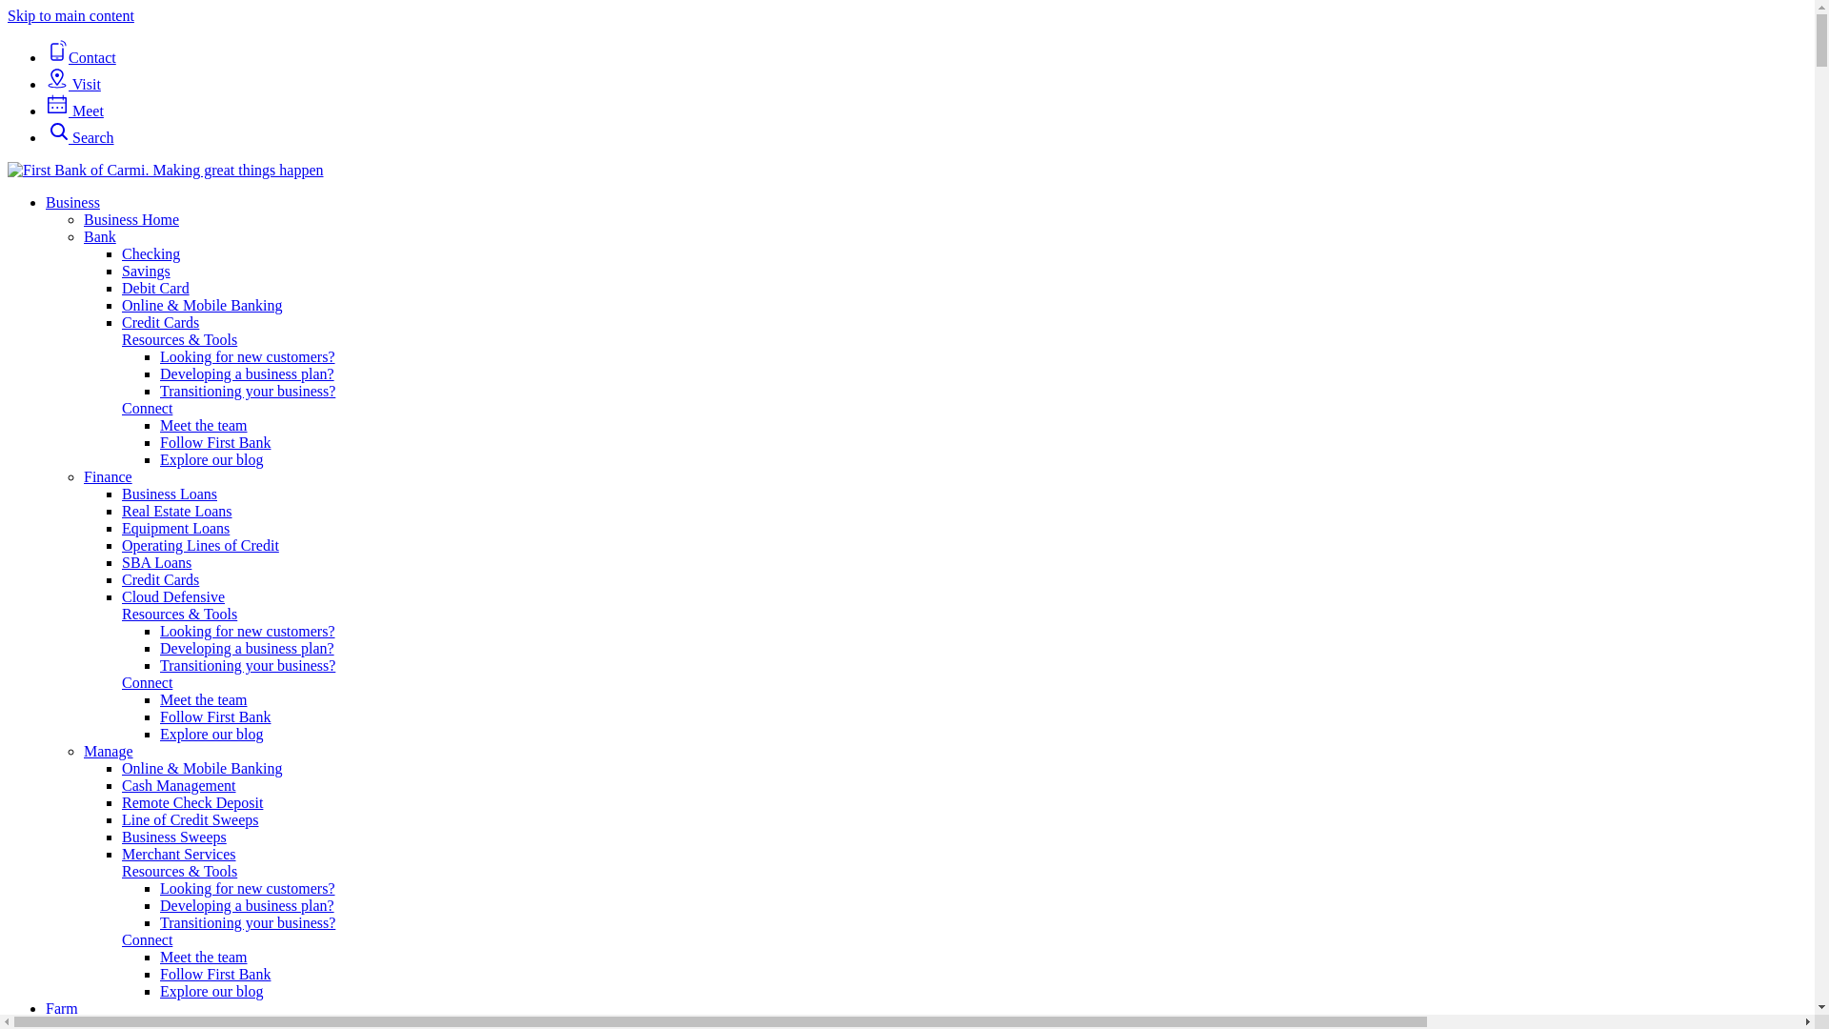 The height and width of the screenshot is (1029, 1829). What do you see at coordinates (107, 475) in the screenshot?
I see `'Finance'` at bounding box center [107, 475].